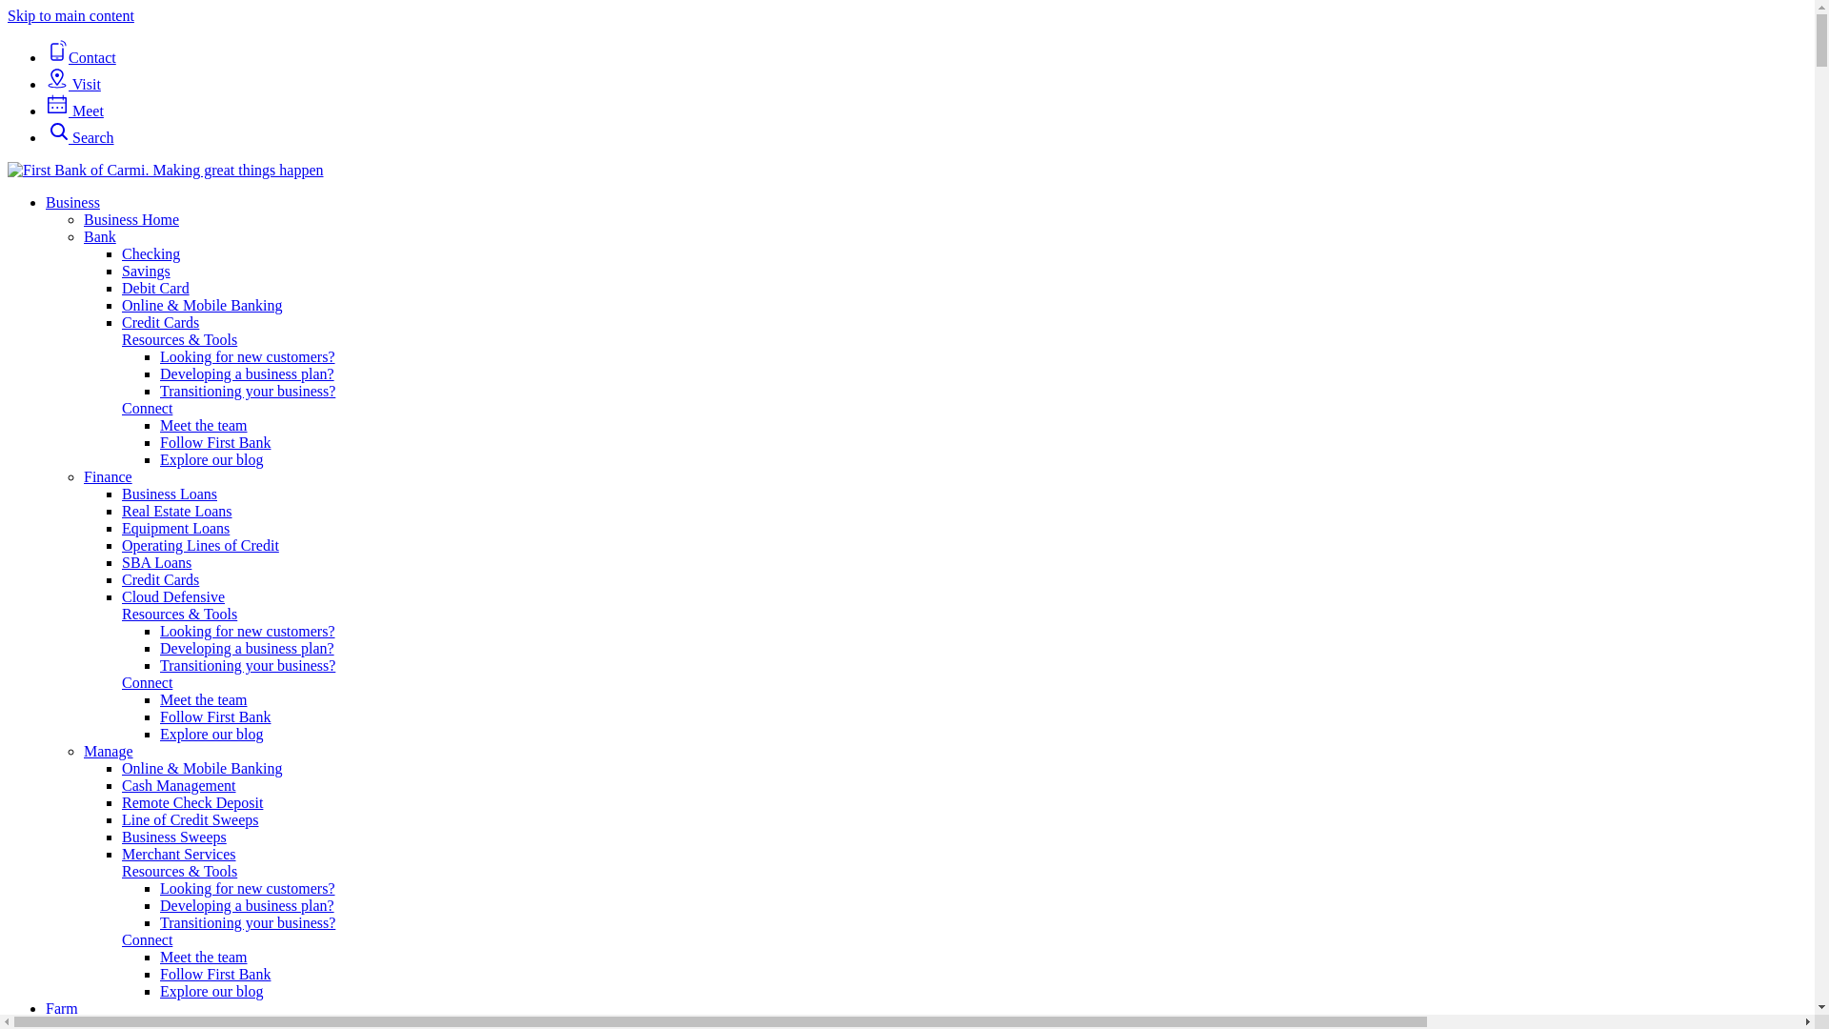 The height and width of the screenshot is (1029, 1829). What do you see at coordinates (107, 475) in the screenshot?
I see `'Finance'` at bounding box center [107, 475].